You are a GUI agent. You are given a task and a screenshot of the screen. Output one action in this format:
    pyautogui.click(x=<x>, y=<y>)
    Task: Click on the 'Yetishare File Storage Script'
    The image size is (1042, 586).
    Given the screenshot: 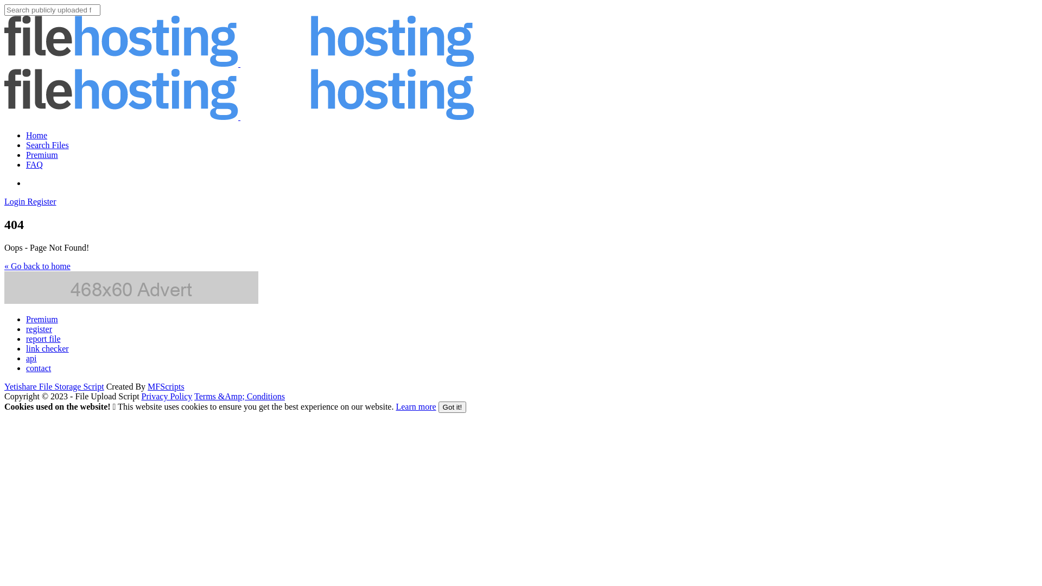 What is the action you would take?
    pyautogui.click(x=54, y=386)
    